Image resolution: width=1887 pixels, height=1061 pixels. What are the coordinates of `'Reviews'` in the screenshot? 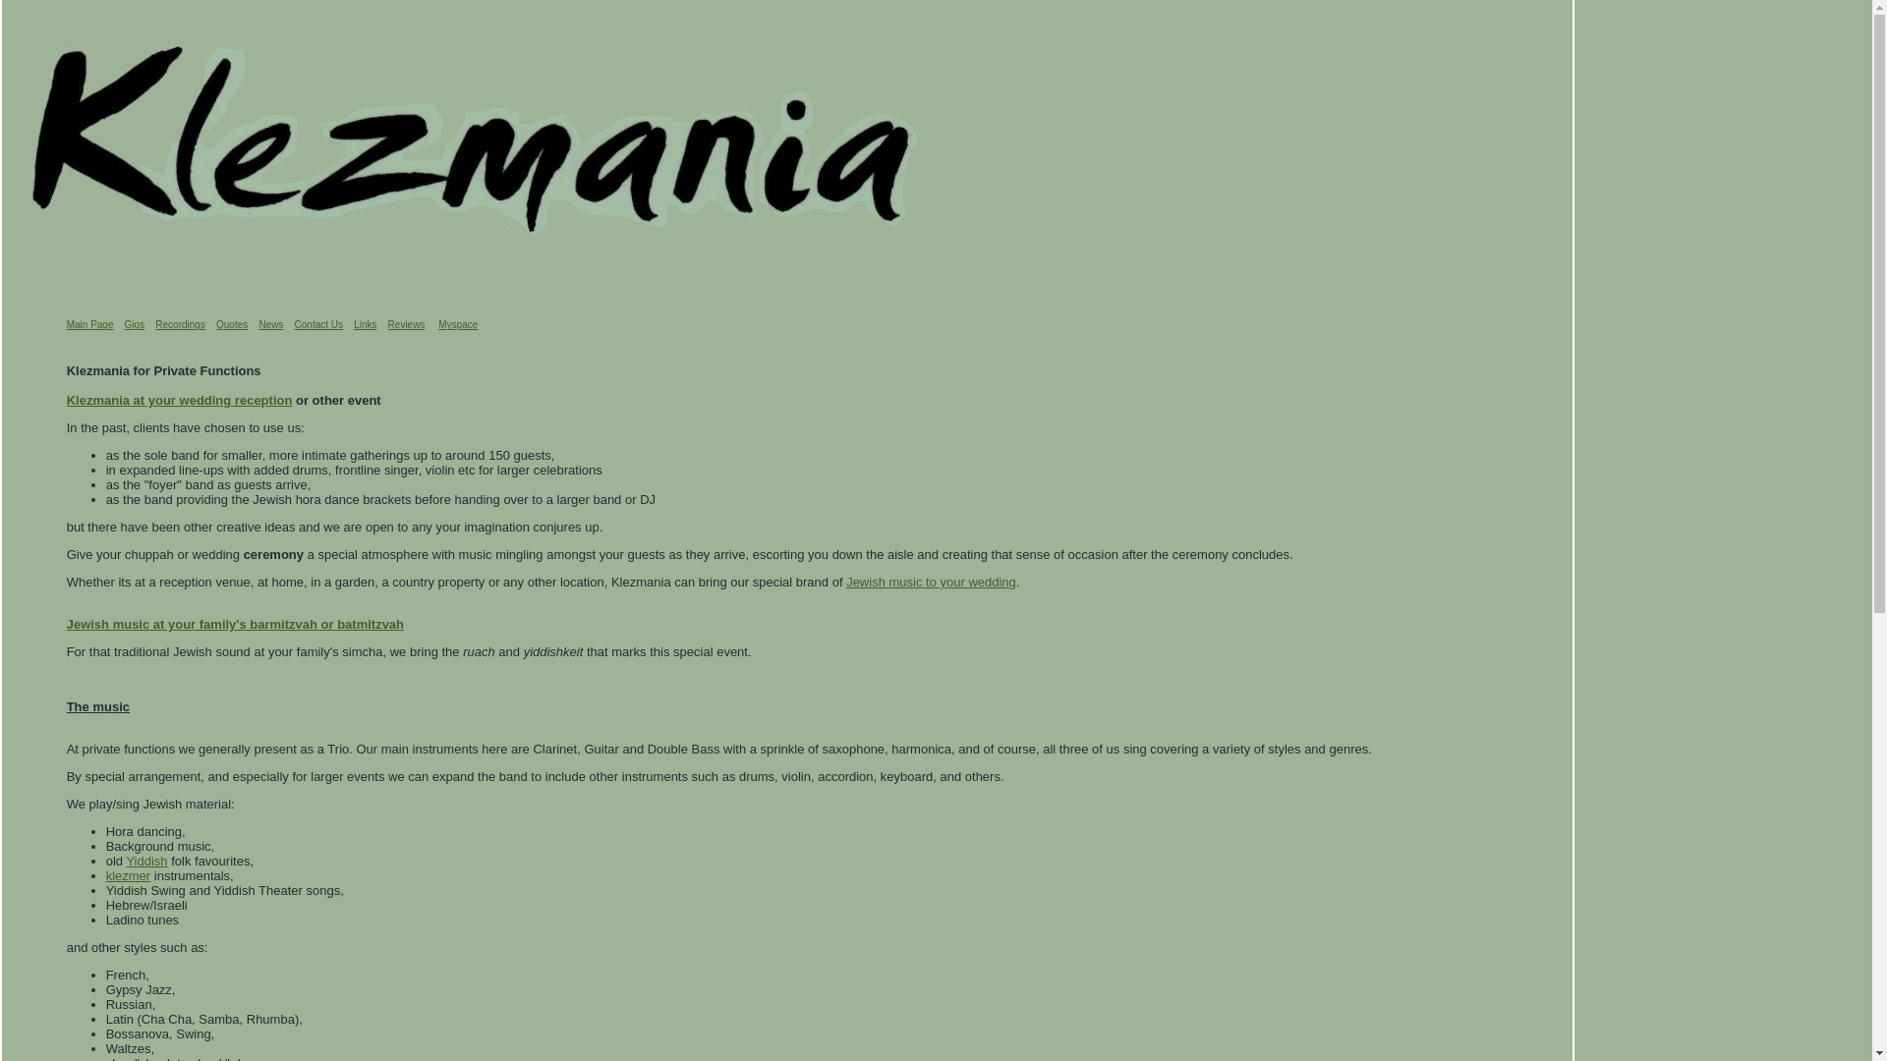 It's located at (405, 323).